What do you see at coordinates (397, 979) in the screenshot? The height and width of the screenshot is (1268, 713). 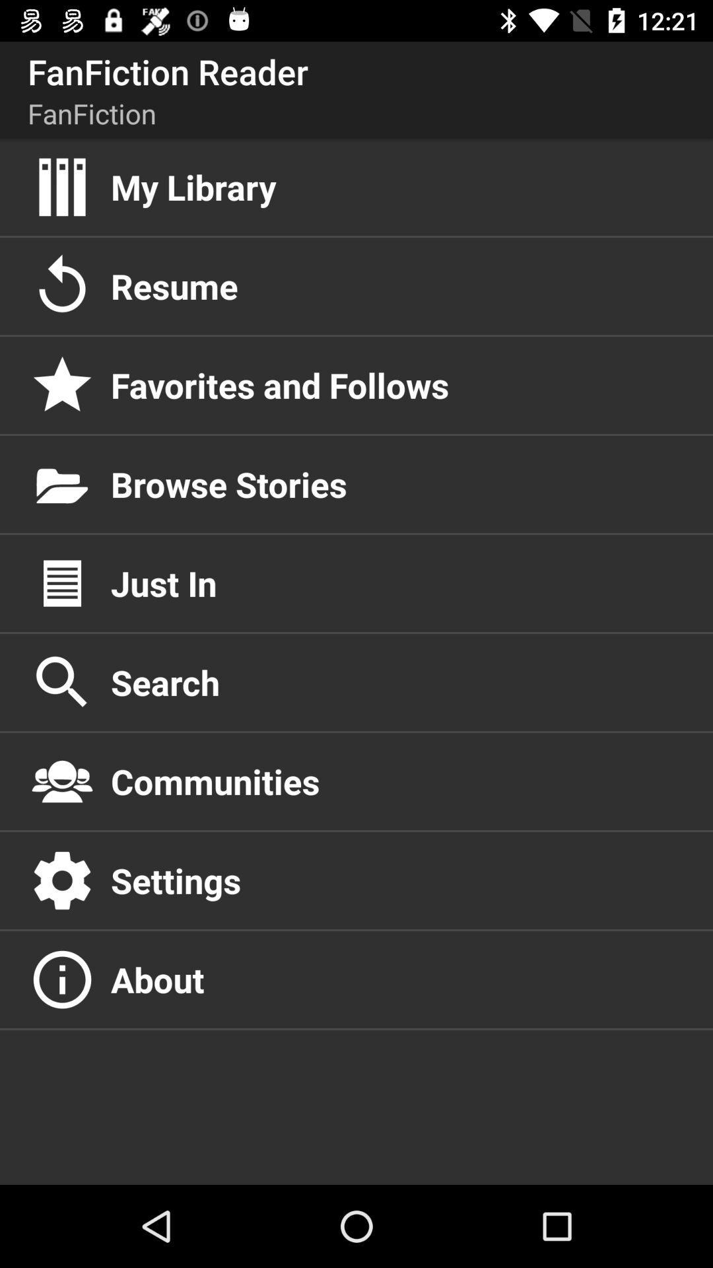 I see `the about` at bounding box center [397, 979].